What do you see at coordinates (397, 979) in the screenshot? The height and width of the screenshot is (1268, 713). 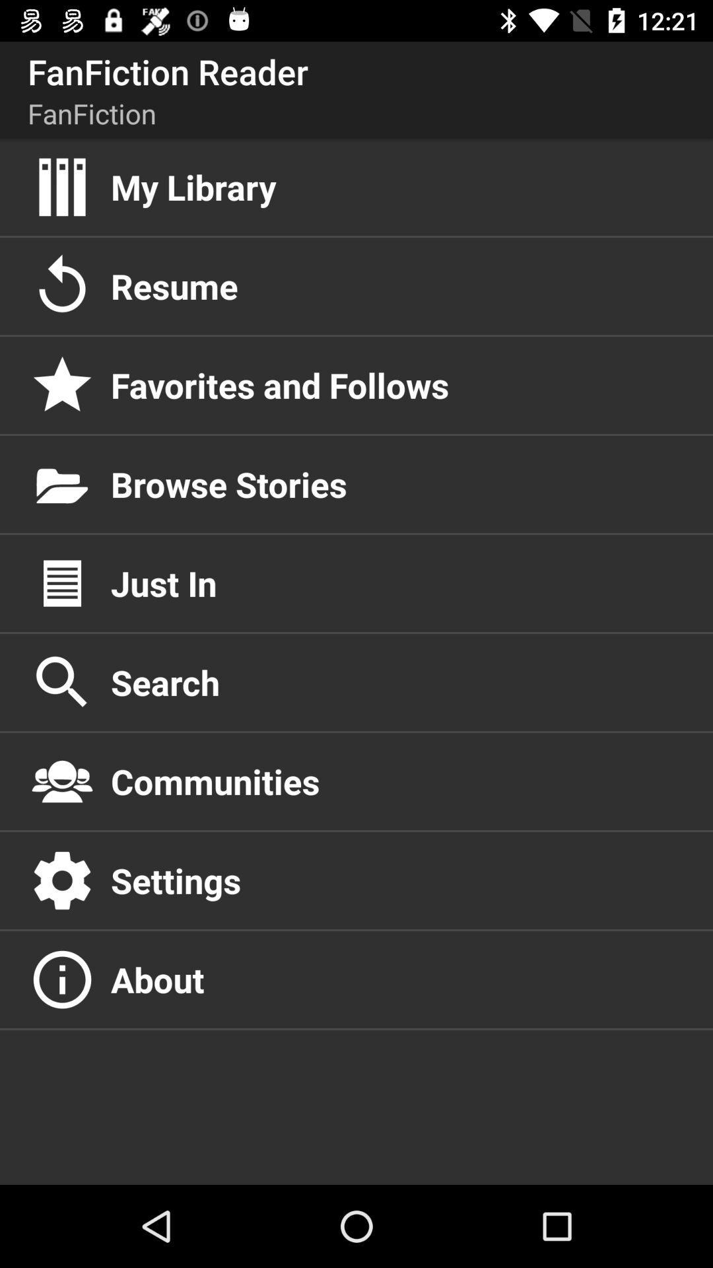 I see `the about` at bounding box center [397, 979].